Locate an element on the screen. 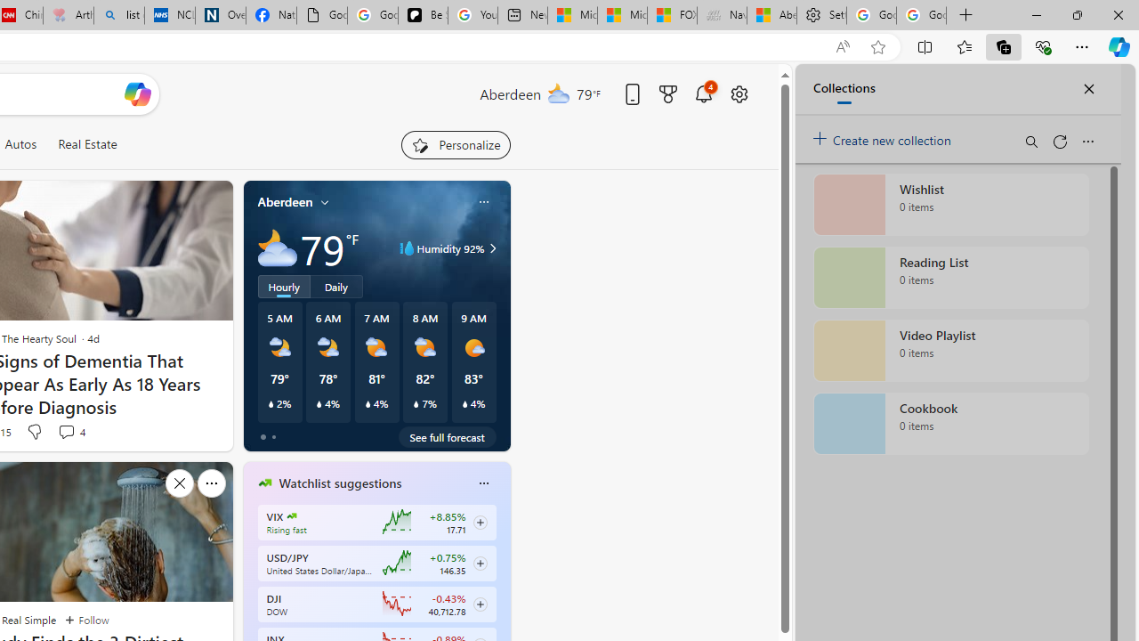 Image resolution: width=1139 pixels, height=641 pixels. 'Mostly cloudy' is located at coordinates (276, 248).